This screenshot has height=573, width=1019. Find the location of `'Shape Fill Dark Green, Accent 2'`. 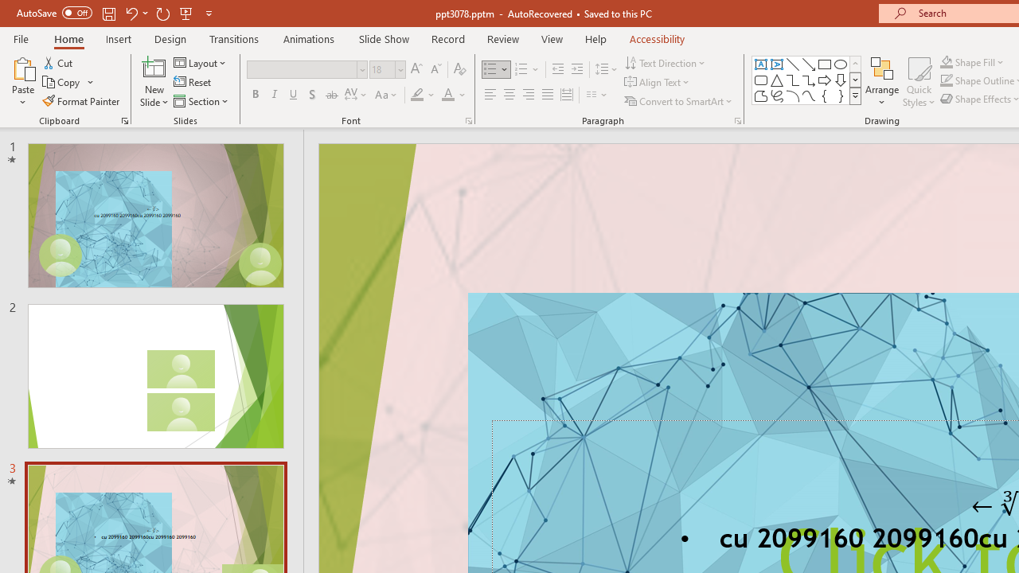

'Shape Fill Dark Green, Accent 2' is located at coordinates (947, 61).